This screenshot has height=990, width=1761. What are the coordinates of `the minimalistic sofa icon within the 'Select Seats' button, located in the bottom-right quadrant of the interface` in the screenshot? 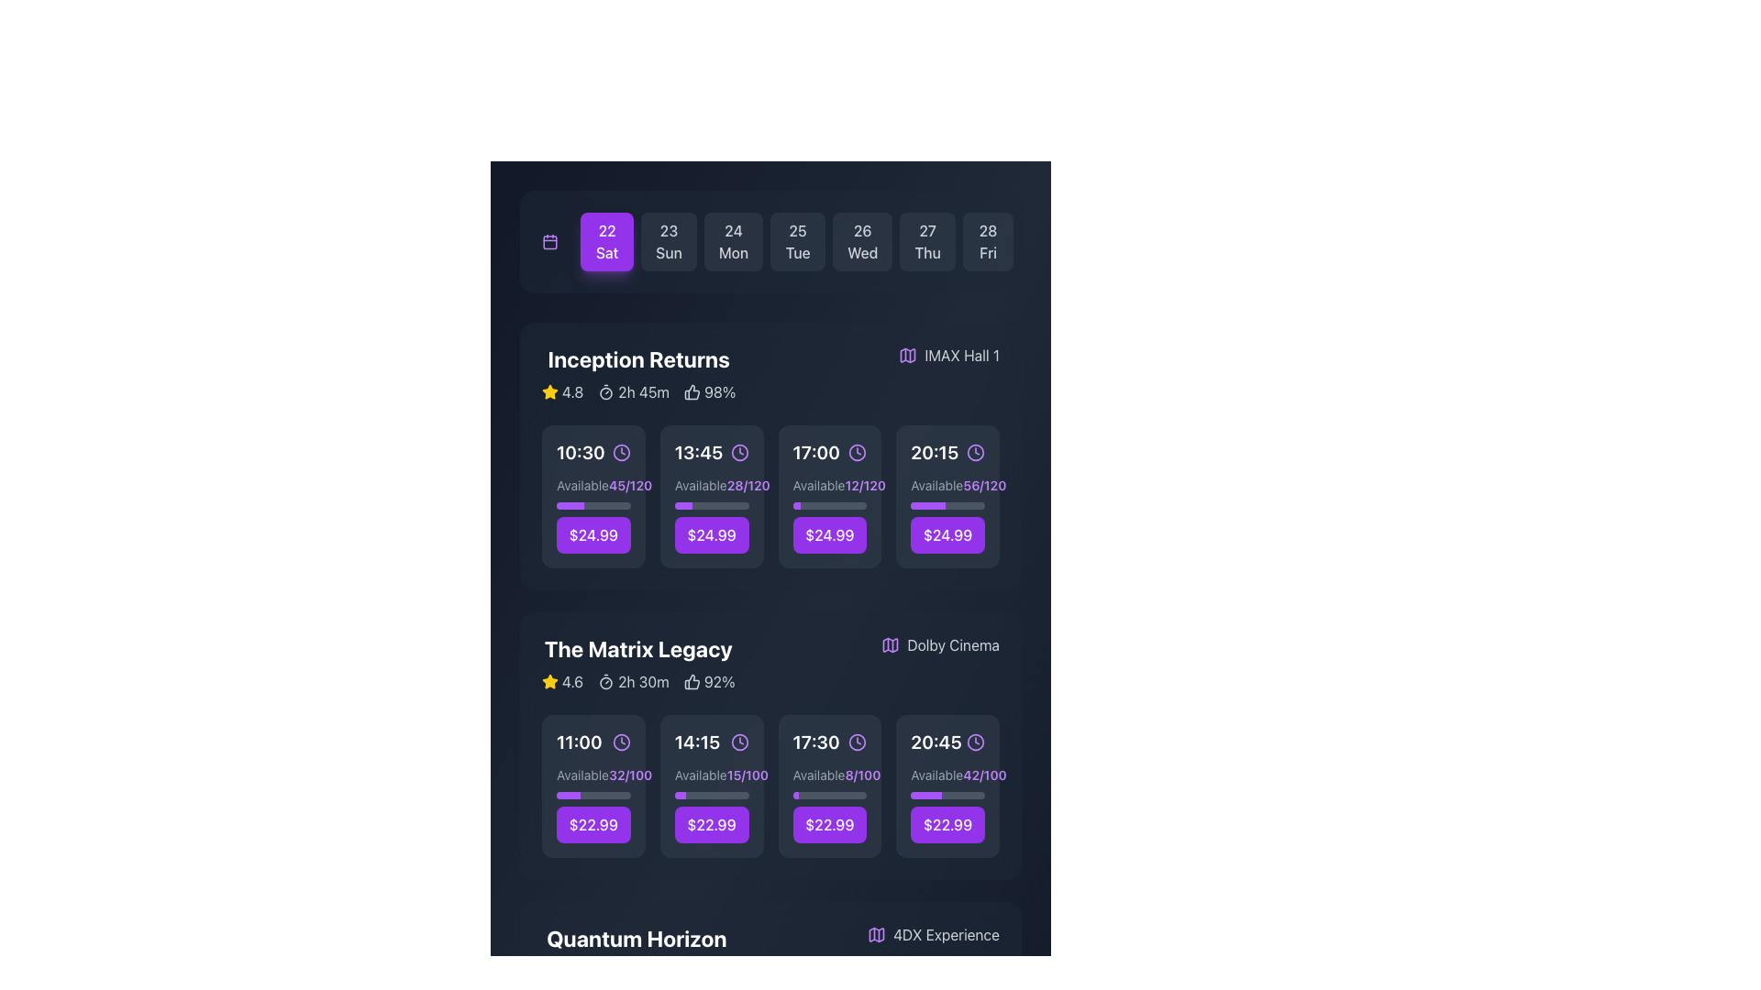 It's located at (801, 497).